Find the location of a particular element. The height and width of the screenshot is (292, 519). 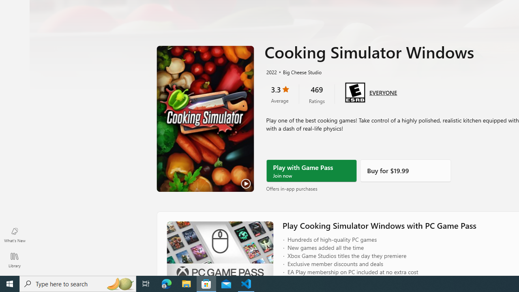

'Big Cheese Studio' is located at coordinates (298, 71).